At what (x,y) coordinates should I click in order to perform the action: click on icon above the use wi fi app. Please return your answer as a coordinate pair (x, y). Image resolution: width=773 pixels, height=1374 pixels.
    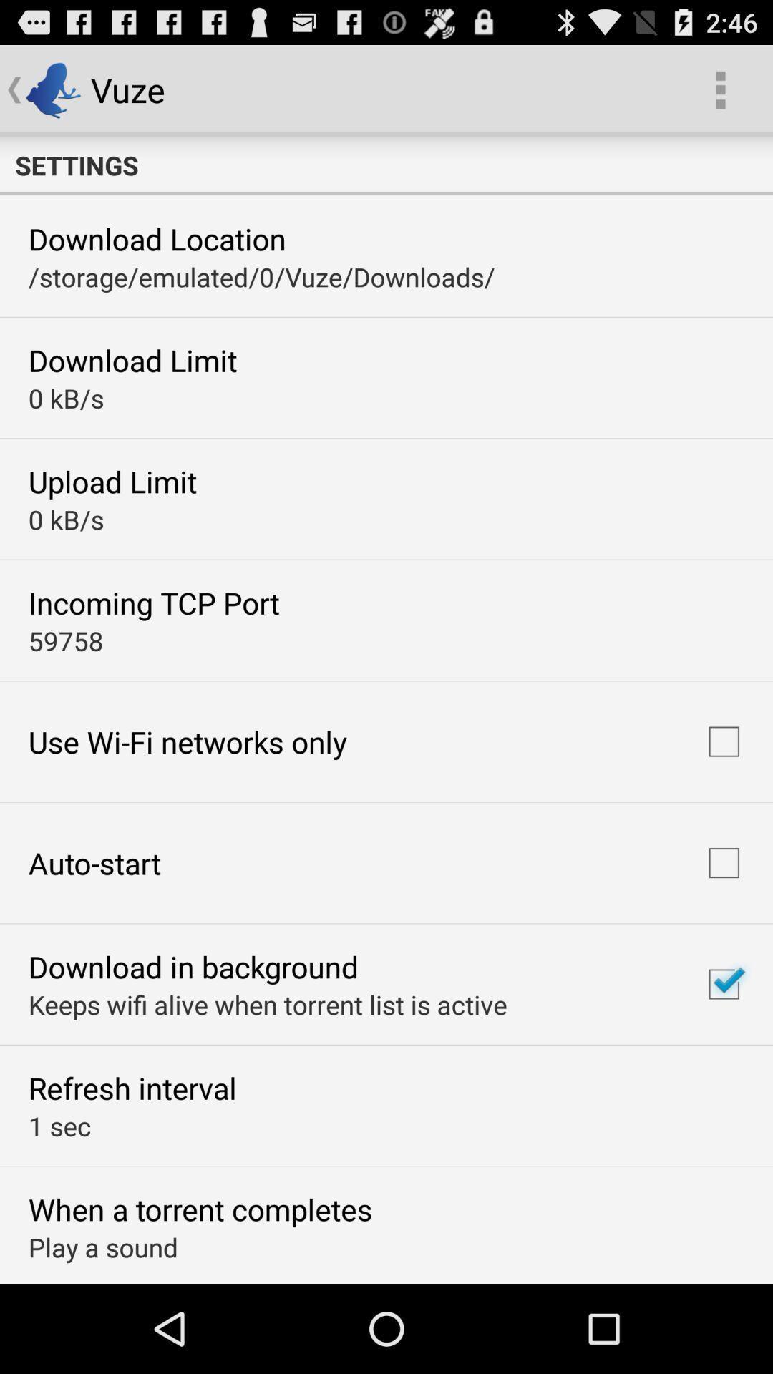
    Looking at the image, I should click on (66, 640).